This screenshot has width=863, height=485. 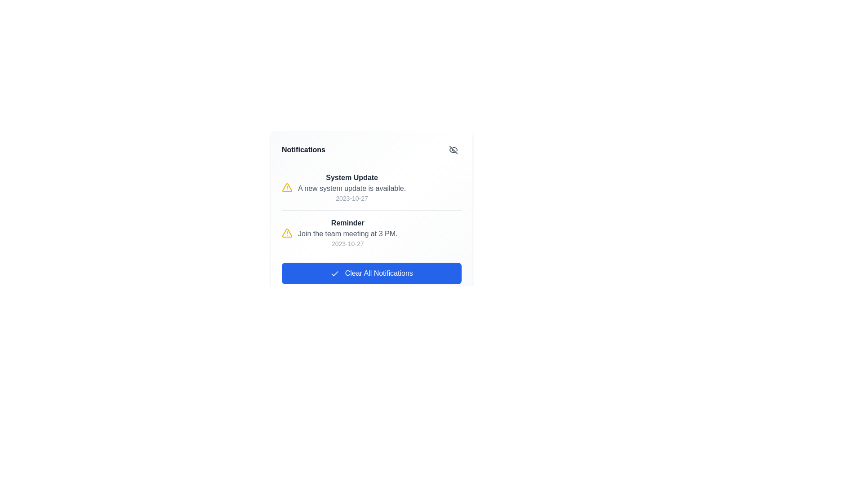 What do you see at coordinates (286, 187) in the screenshot?
I see `the appearance of the warning icon located on the right side of the 'Reminder' notification in the notifications panel` at bounding box center [286, 187].